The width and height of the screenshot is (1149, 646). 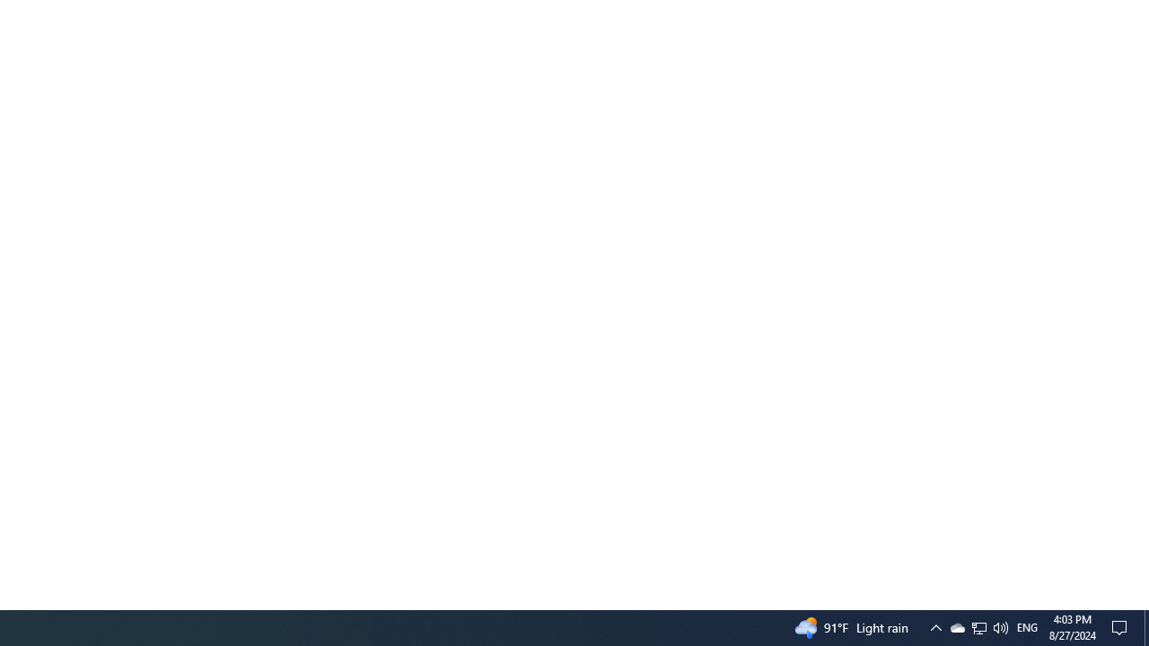 What do you see at coordinates (978, 626) in the screenshot?
I see `'Tray Input Indicator - English (United States)'` at bounding box center [978, 626].